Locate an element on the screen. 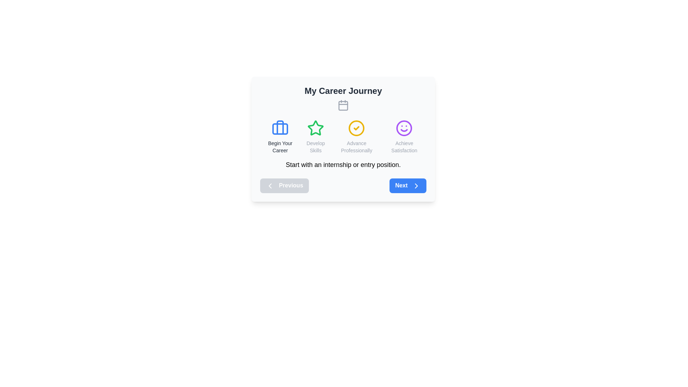 This screenshot has height=387, width=688. the small rightward chevron icon adjacent to the 'Next' button is located at coordinates (416, 185).